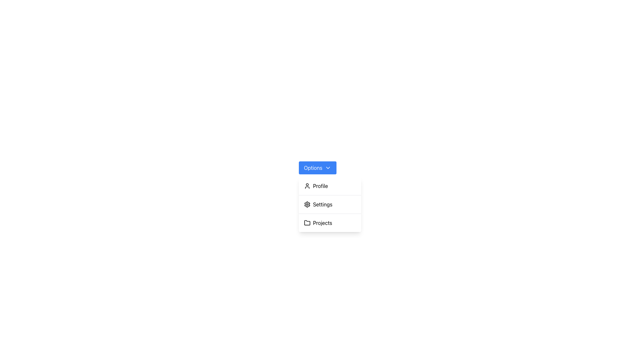 The height and width of the screenshot is (350, 623). What do you see at coordinates (307, 222) in the screenshot?
I see `the folder icon located to the left of the 'Projects' label in the dropdown menu, which indicates a grouping feature` at bounding box center [307, 222].